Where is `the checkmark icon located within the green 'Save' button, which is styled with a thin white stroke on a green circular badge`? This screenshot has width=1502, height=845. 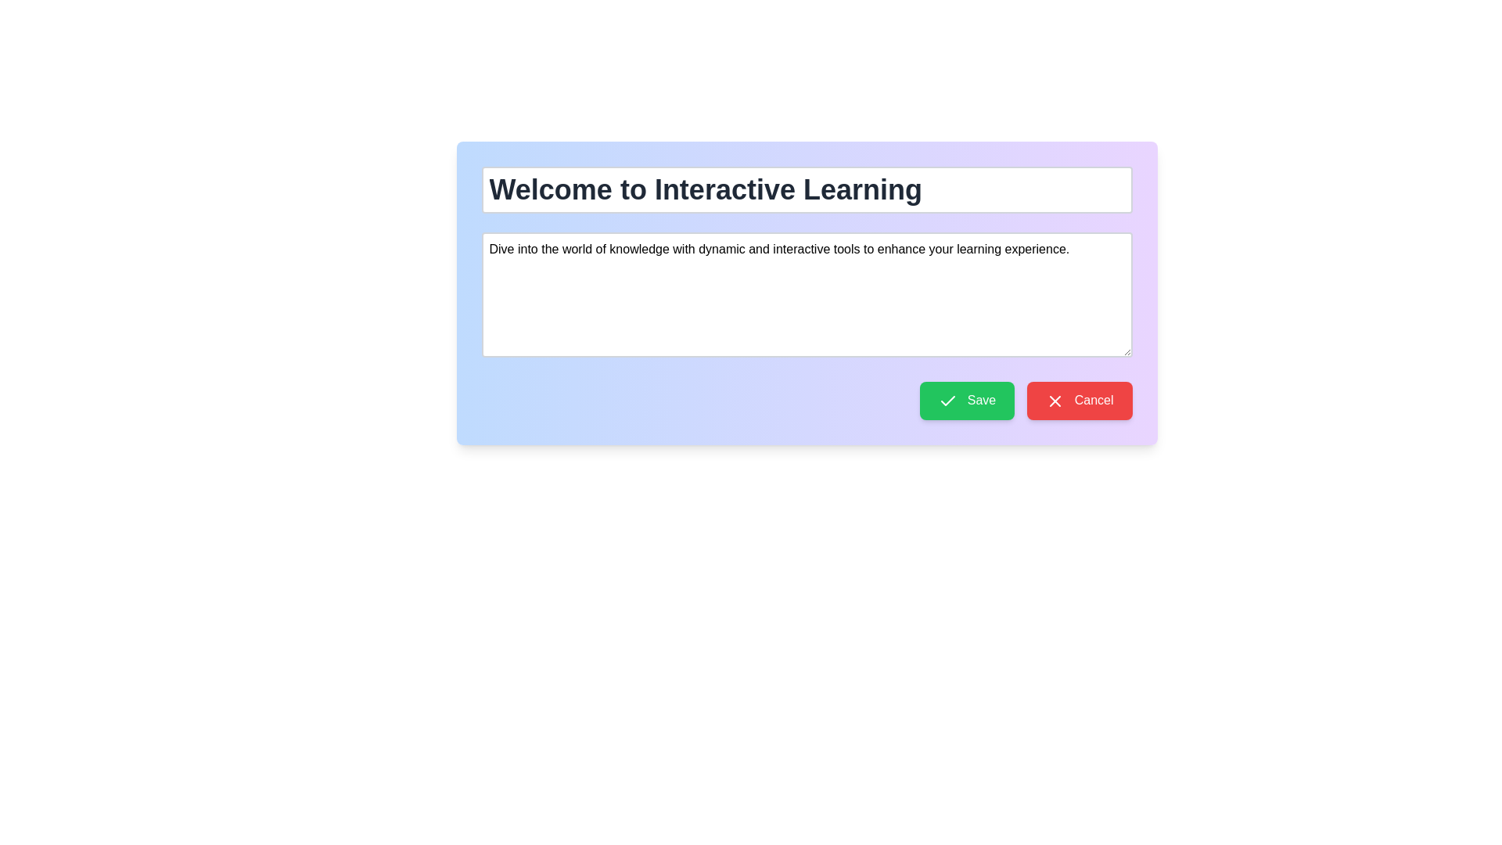
the checkmark icon located within the green 'Save' button, which is styled with a thin white stroke on a green circular badge is located at coordinates (947, 400).